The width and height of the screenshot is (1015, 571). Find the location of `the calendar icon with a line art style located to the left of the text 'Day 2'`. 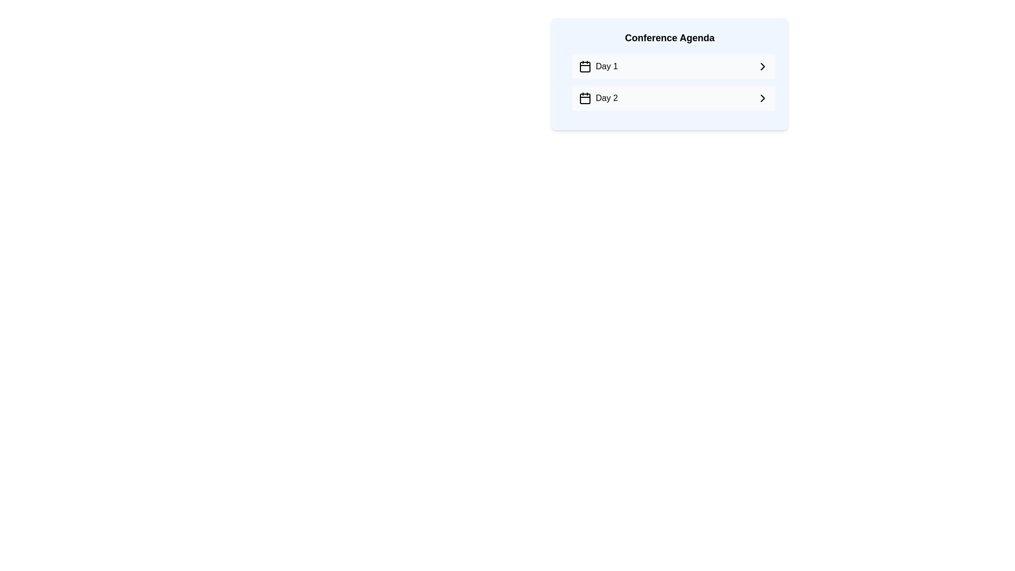

the calendar icon with a line art style located to the left of the text 'Day 2' is located at coordinates (585, 98).